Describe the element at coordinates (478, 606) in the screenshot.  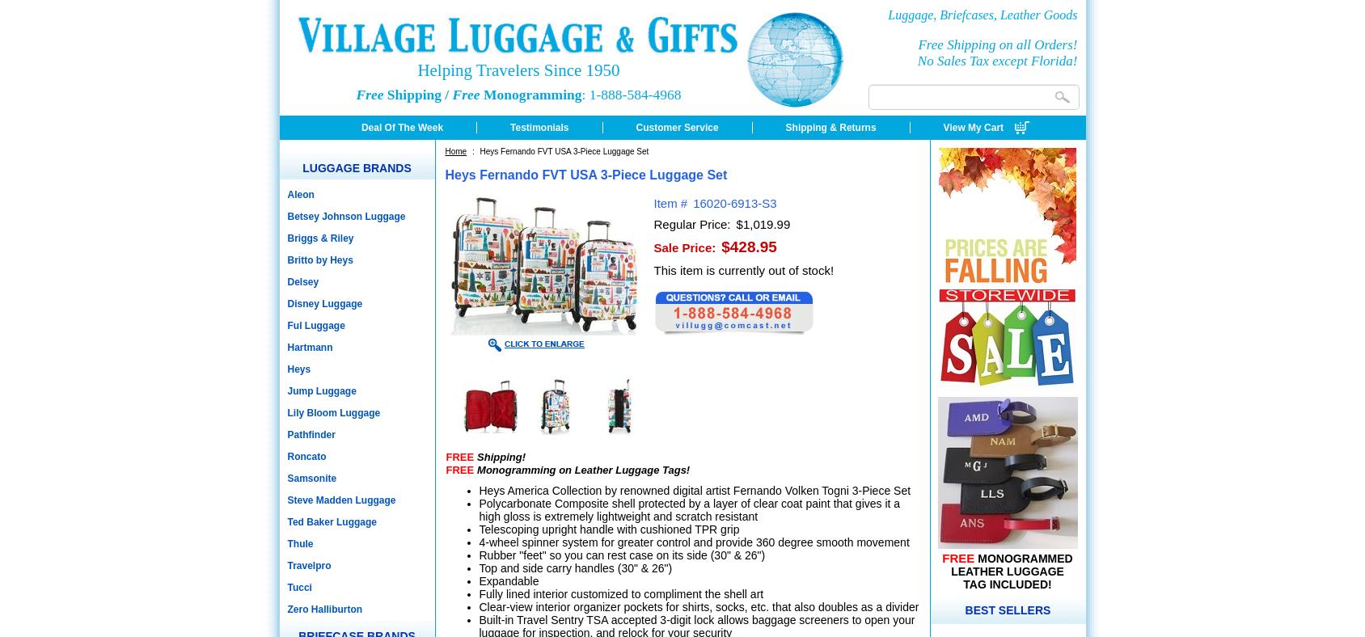
I see `'Clear-view interior organizer pockets for shirts, socks, etc. that also doubles as a divider'` at that location.